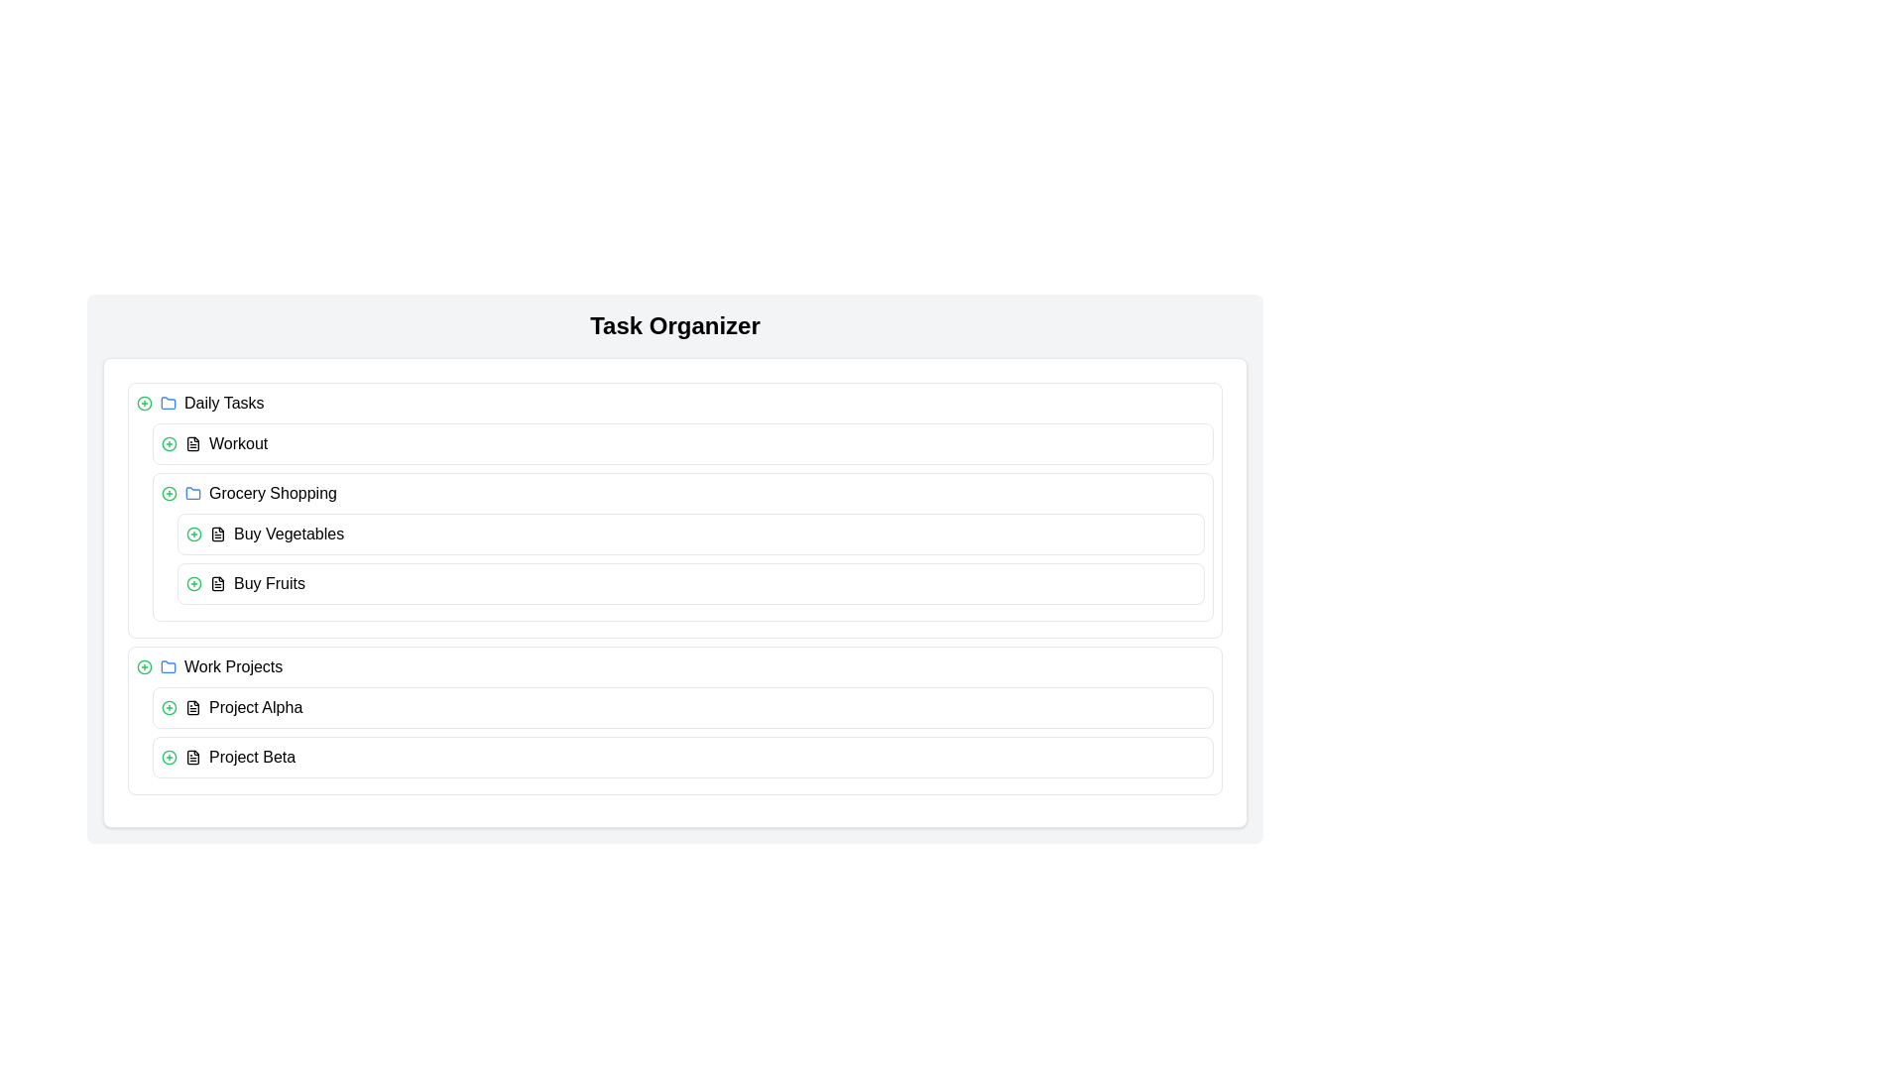 The width and height of the screenshot is (1904, 1071). What do you see at coordinates (269, 583) in the screenshot?
I see `displayed text of the 'Buy Fruits' task item located at the end of the 'Grocery Shopping' list in the 'Daily Tasks' section` at bounding box center [269, 583].